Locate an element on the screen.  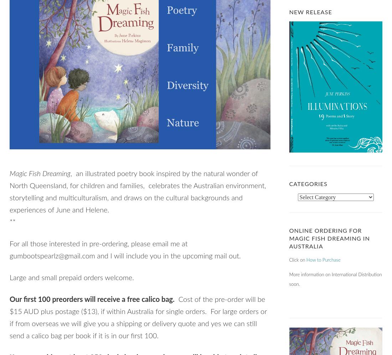
'How to Purchase' is located at coordinates (323, 260).